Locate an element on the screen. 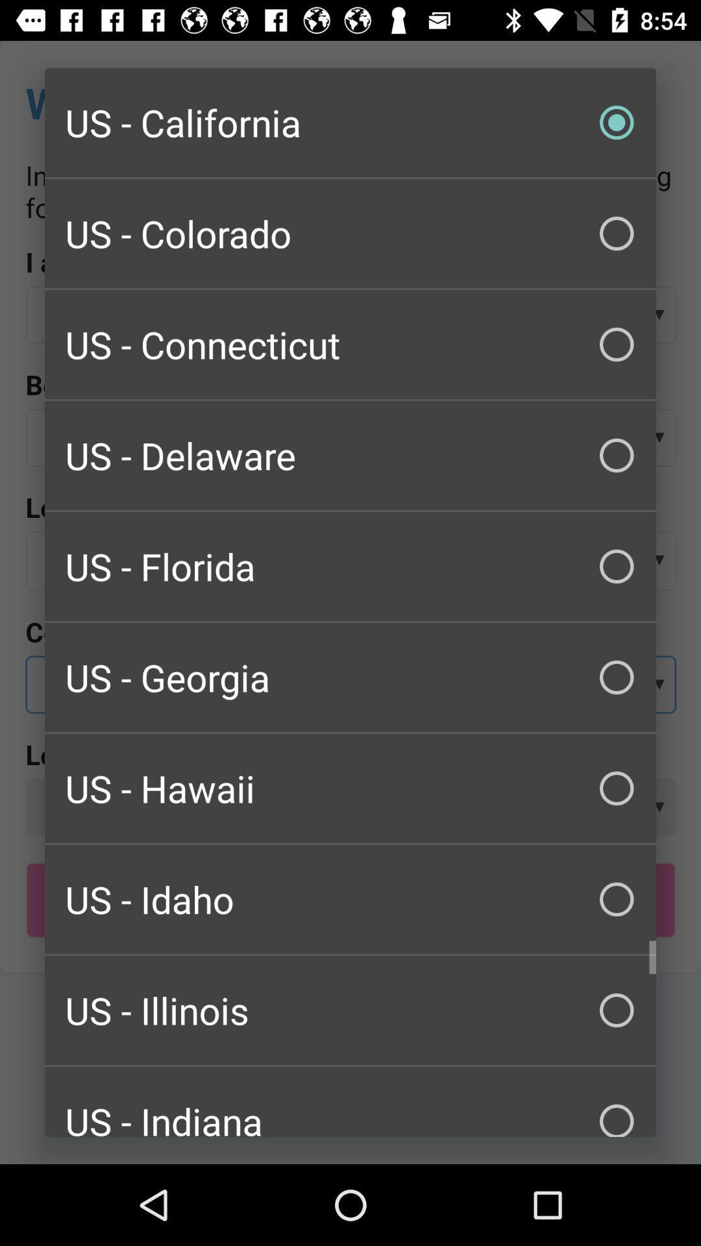 Image resolution: width=701 pixels, height=1246 pixels. the item above us - illinois is located at coordinates (350, 899).